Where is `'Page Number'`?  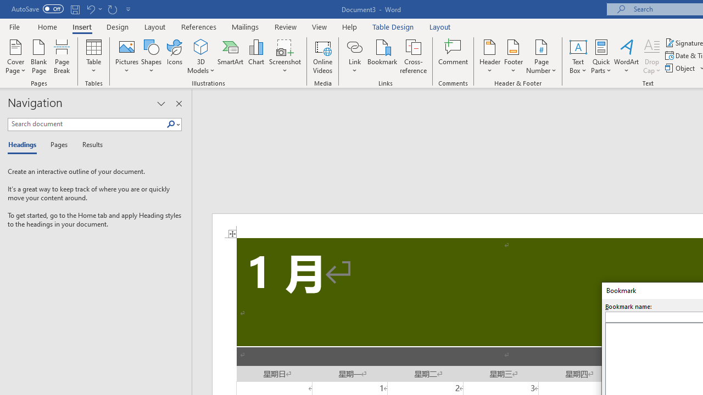 'Page Number' is located at coordinates (542, 57).